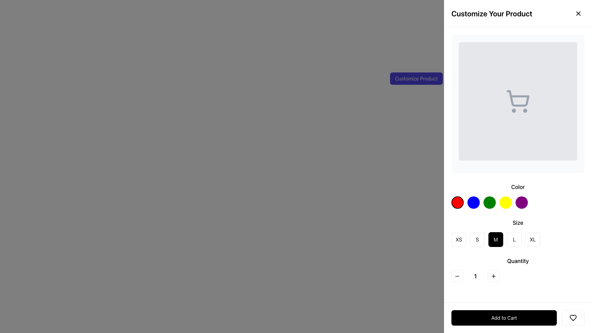 The image size is (592, 333). I want to click on the minus icon button, which is a minimalist horizontal line icon representing a decrease command, located in the lower section of the product customization panel near the quantity adjustment controls, so click(457, 276).